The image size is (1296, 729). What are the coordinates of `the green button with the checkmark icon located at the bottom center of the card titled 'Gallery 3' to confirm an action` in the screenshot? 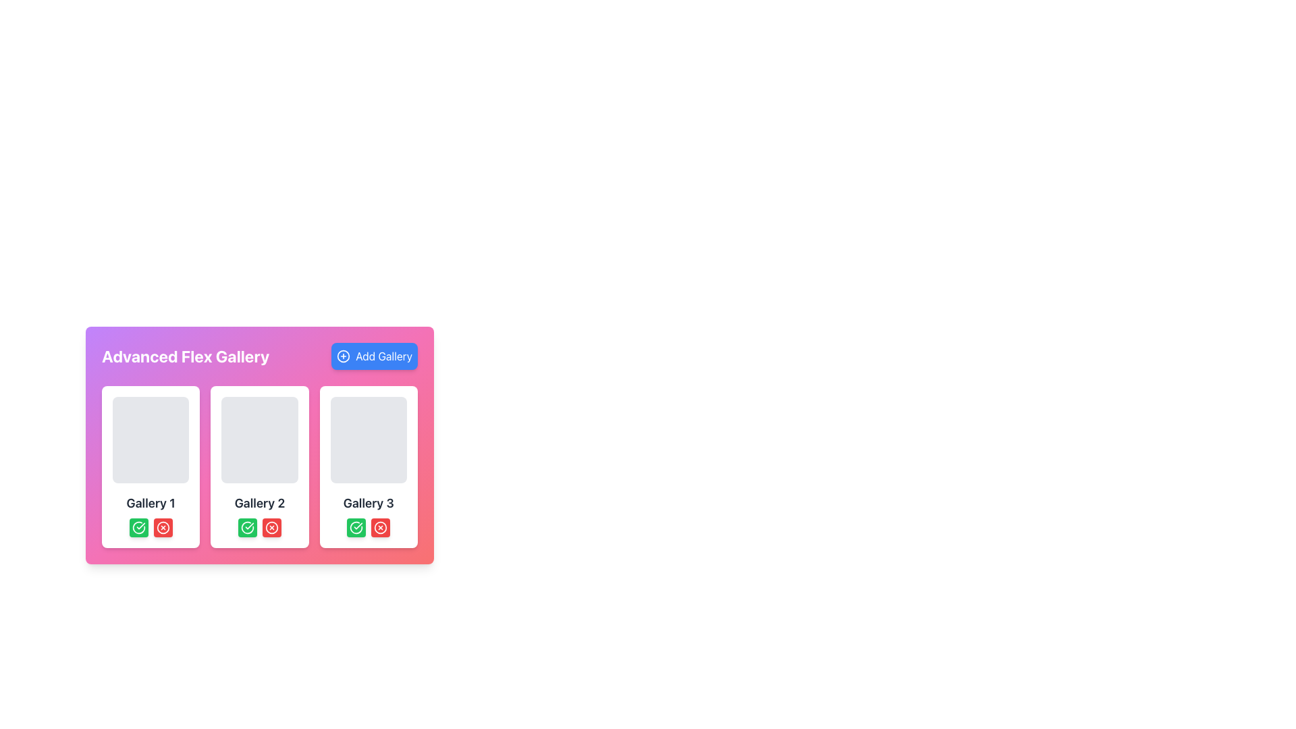 It's located at (369, 527).